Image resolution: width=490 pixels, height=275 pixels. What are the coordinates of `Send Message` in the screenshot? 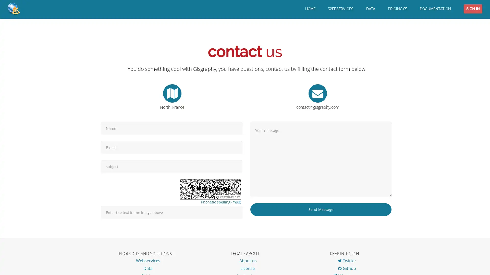 It's located at (321, 209).